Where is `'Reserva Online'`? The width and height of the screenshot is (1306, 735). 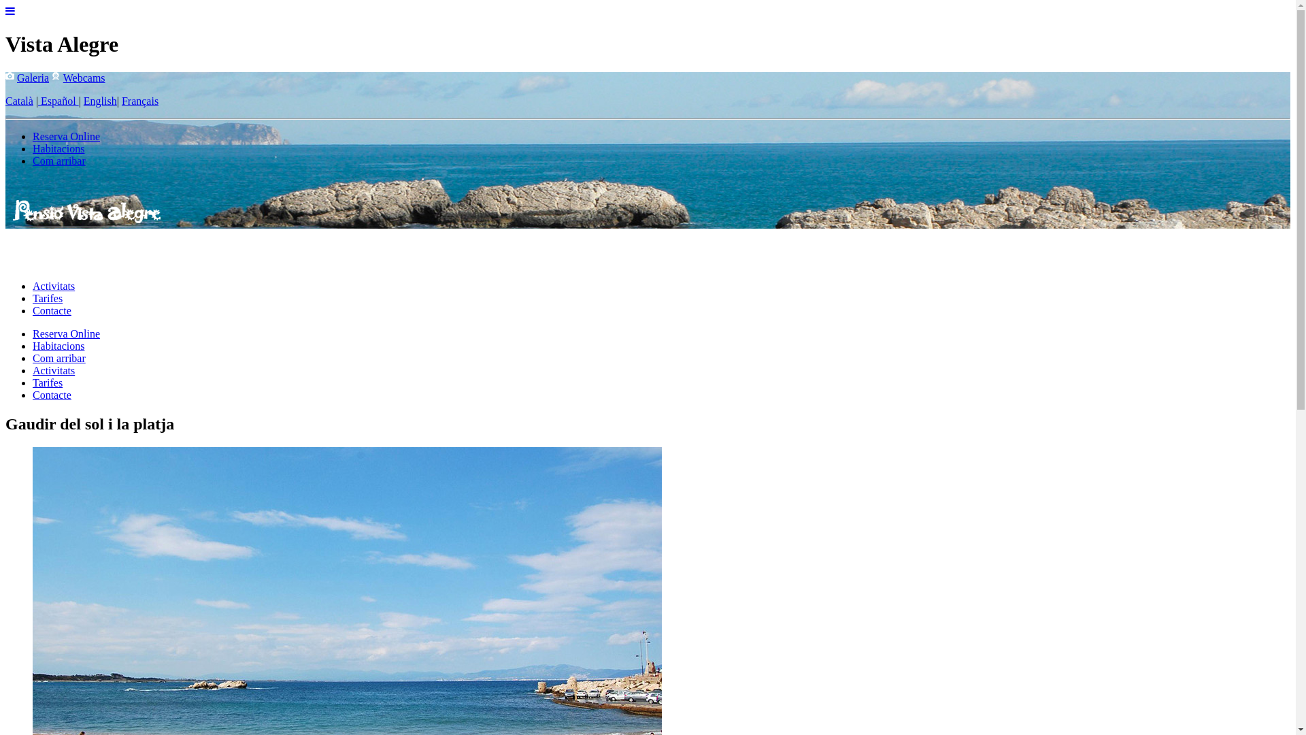 'Reserva Online' is located at coordinates (33, 333).